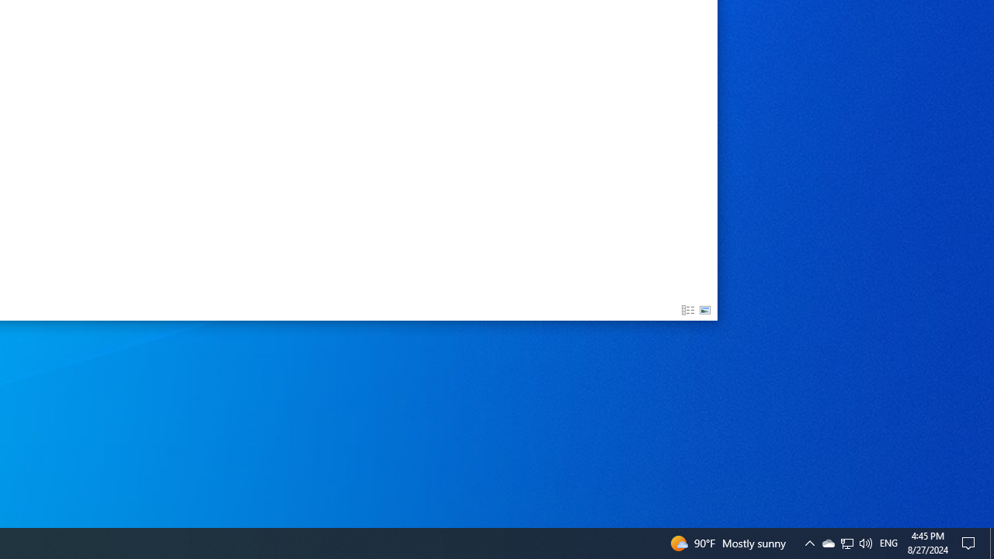 The height and width of the screenshot is (559, 994). Describe the element at coordinates (827, 542) in the screenshot. I see `'Notification Chevron'` at that location.